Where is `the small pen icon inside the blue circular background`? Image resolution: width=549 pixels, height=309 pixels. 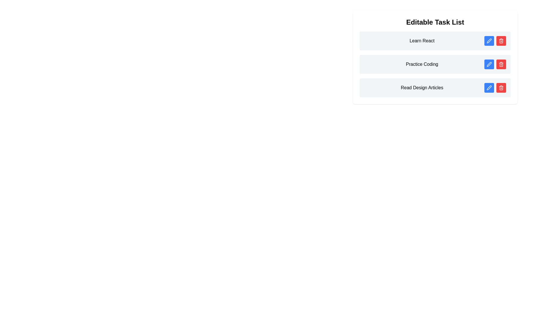 the small pen icon inside the blue circular background is located at coordinates (489, 88).